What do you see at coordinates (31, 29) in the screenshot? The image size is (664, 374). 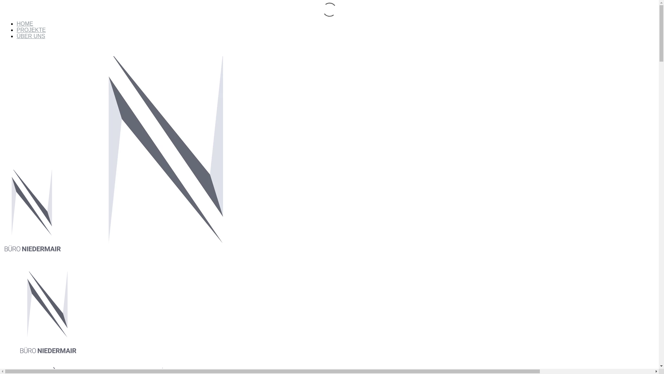 I see `'PROJEKTE'` at bounding box center [31, 29].